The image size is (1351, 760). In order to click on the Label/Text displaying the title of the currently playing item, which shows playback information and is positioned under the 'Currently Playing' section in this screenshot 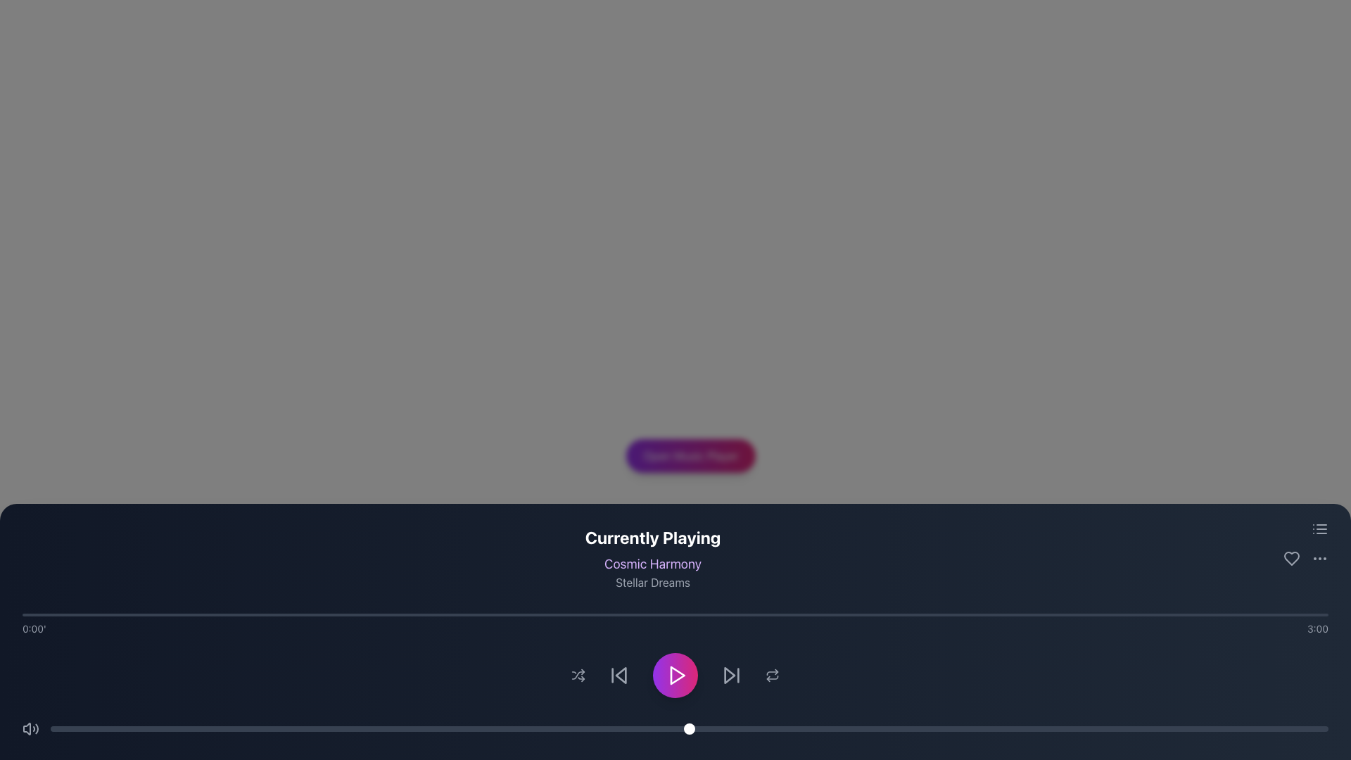, I will do `click(652, 564)`.